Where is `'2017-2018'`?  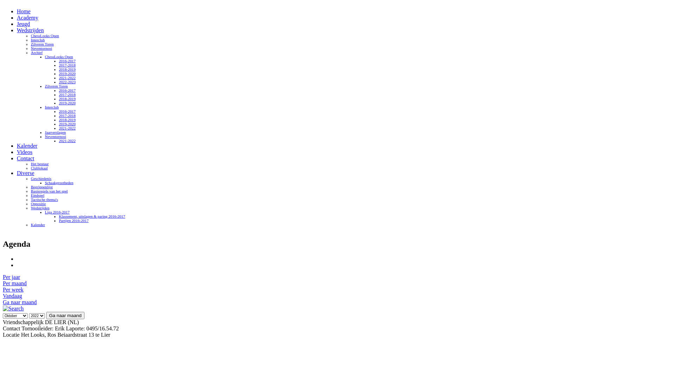 '2017-2018' is located at coordinates (59, 115).